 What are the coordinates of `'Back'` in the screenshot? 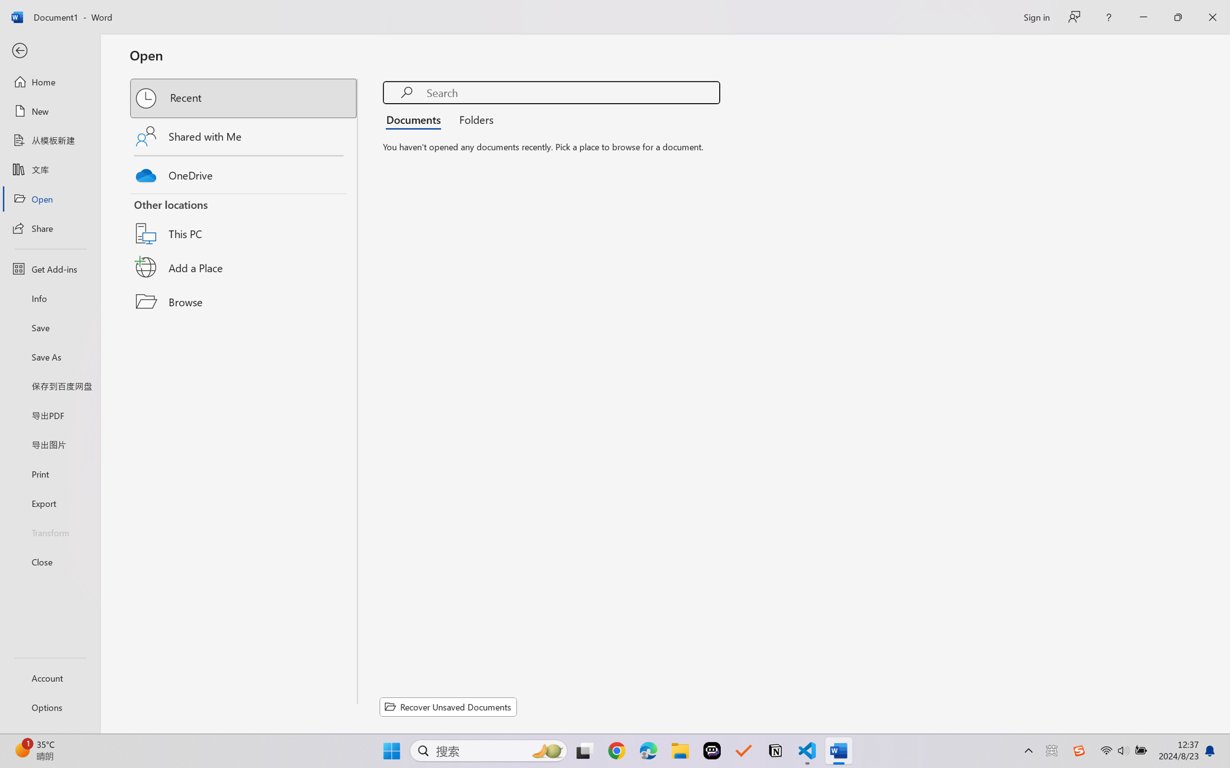 It's located at (49, 51).